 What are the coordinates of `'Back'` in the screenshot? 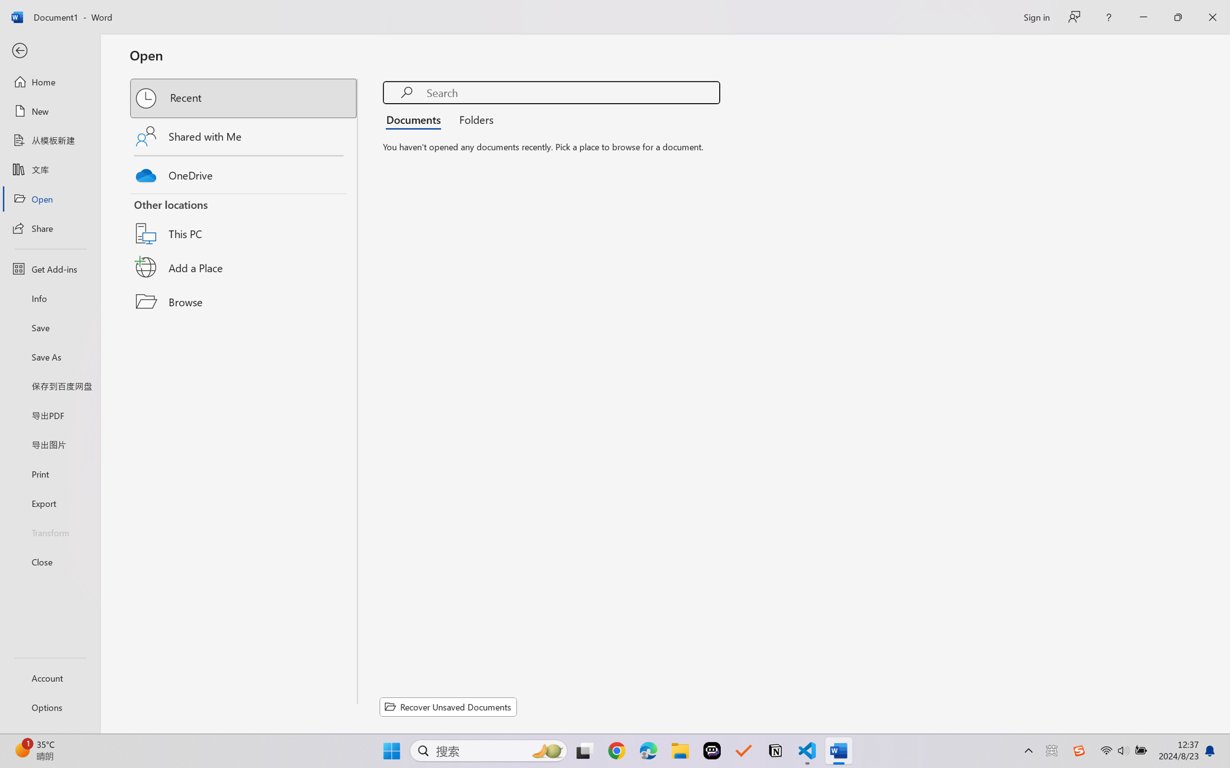 It's located at (49, 51).